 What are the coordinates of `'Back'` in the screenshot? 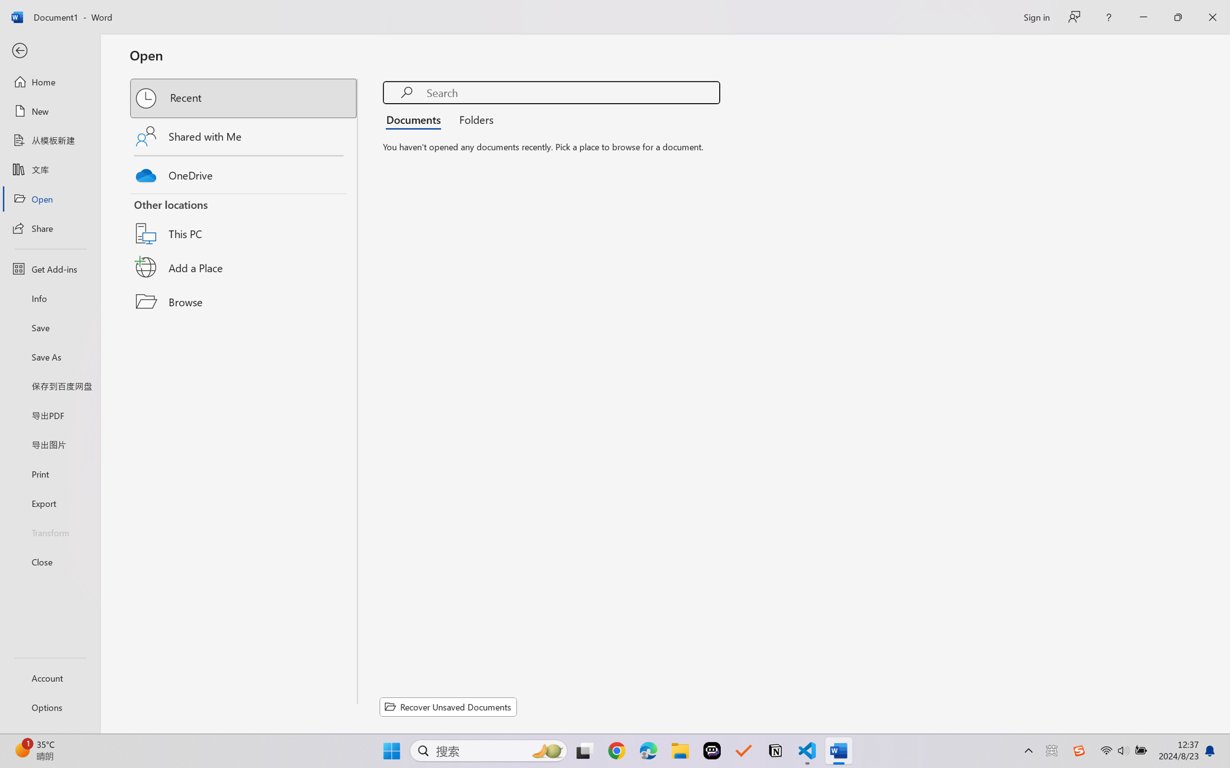 It's located at (49, 51).